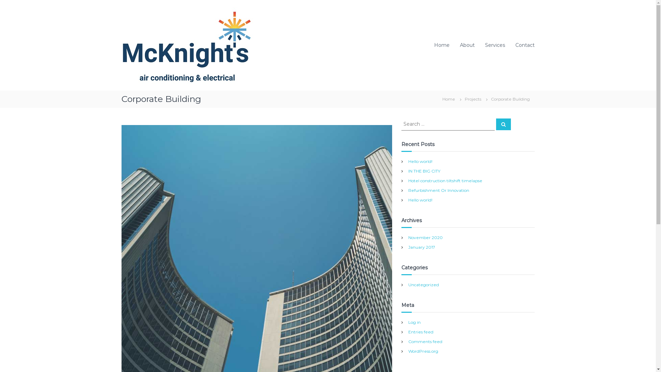 Image resolution: width=661 pixels, height=372 pixels. Describe the element at coordinates (438, 190) in the screenshot. I see `'Refurbishment Or Innovation'` at that location.